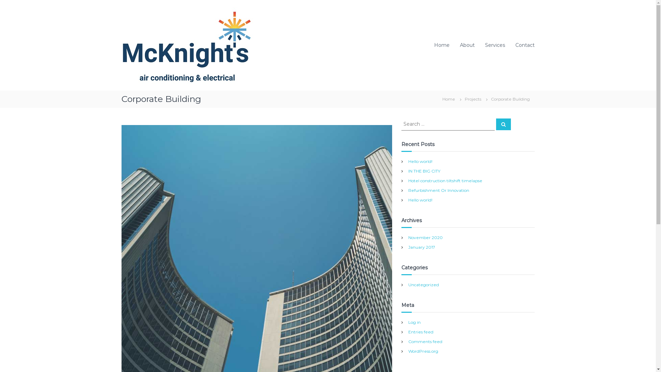 Image resolution: width=661 pixels, height=372 pixels. Describe the element at coordinates (438, 190) in the screenshot. I see `'Refurbishment Or Innovation'` at that location.